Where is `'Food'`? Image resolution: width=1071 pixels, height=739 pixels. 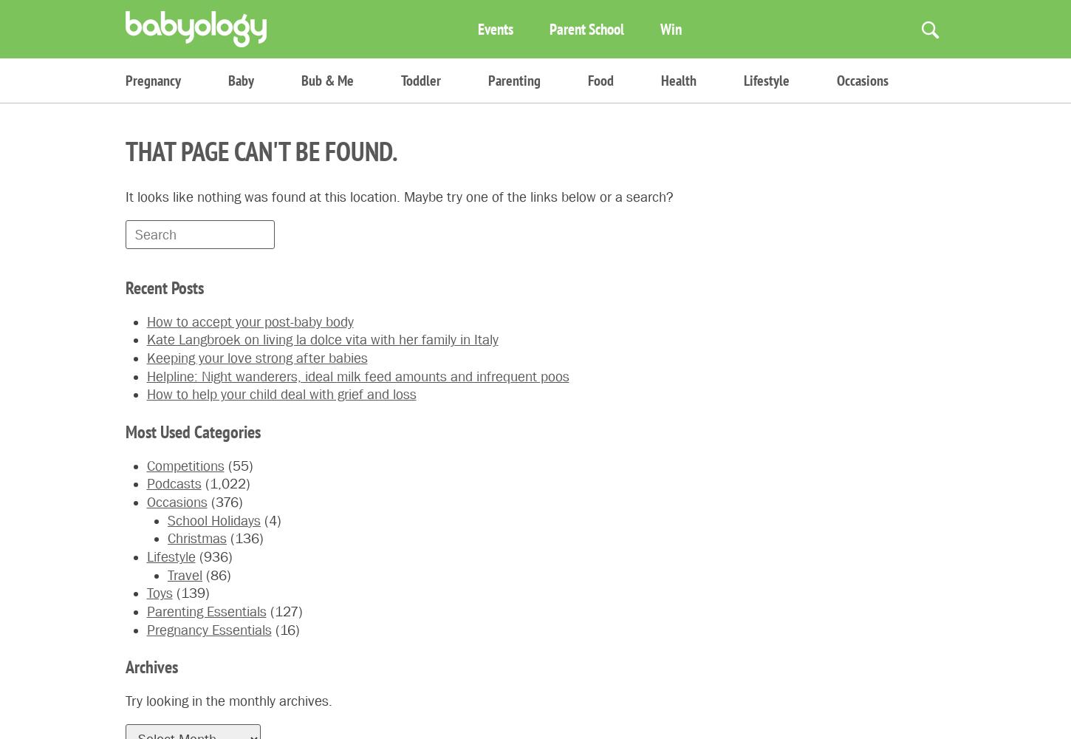
'Food' is located at coordinates (600, 80).